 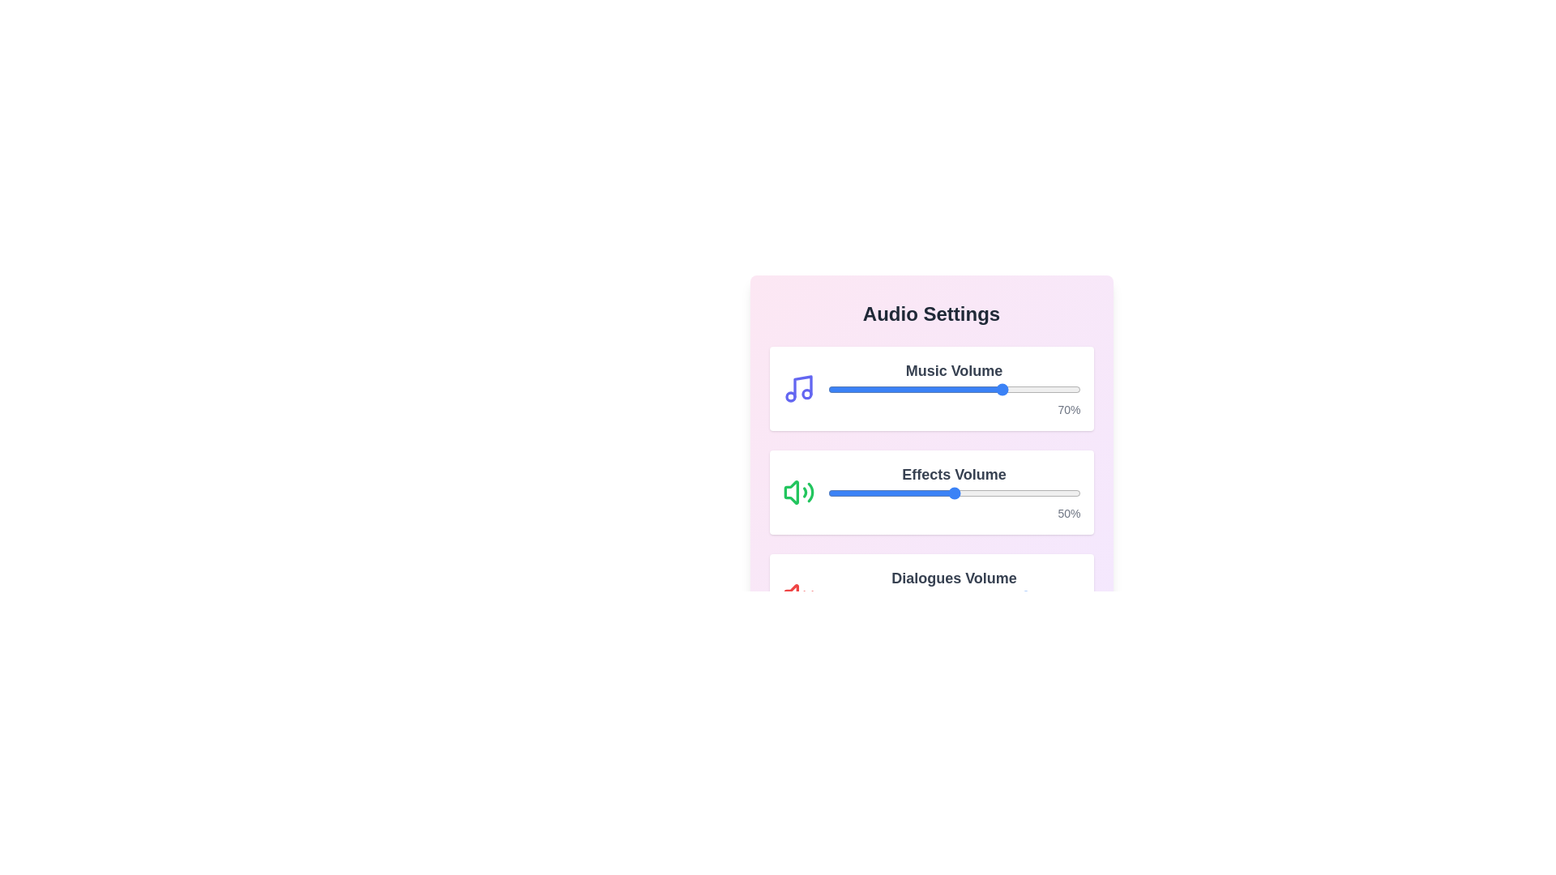 What do you see at coordinates (857, 390) in the screenshot?
I see `the music volume slider to 12%` at bounding box center [857, 390].